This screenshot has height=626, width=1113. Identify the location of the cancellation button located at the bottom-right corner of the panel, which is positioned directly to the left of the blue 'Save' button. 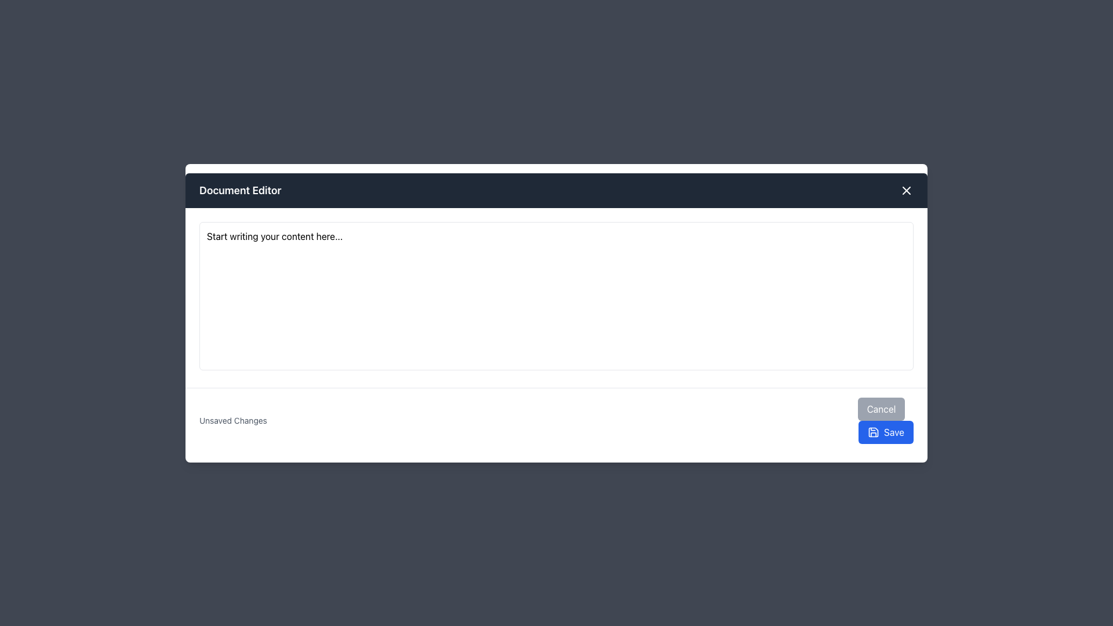
(881, 408).